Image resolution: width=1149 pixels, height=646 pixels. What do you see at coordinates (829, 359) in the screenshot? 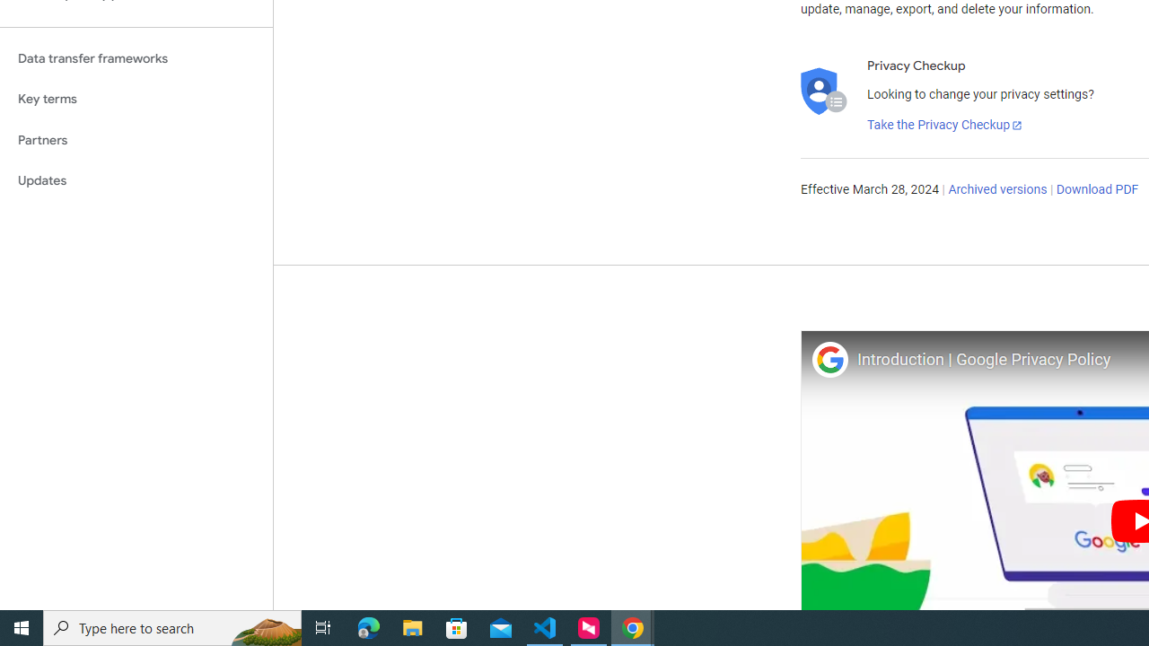
I see `'Photo image of Google'` at bounding box center [829, 359].